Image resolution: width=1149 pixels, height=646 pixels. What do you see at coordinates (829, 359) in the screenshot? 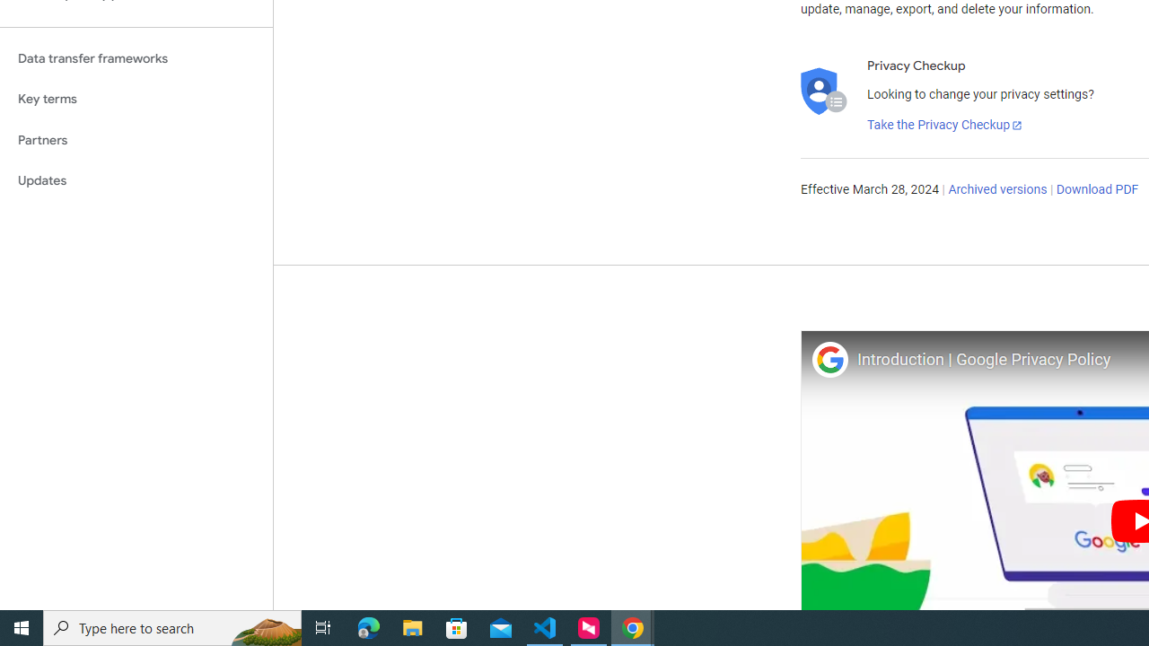
I see `'Photo image of Google'` at bounding box center [829, 359].